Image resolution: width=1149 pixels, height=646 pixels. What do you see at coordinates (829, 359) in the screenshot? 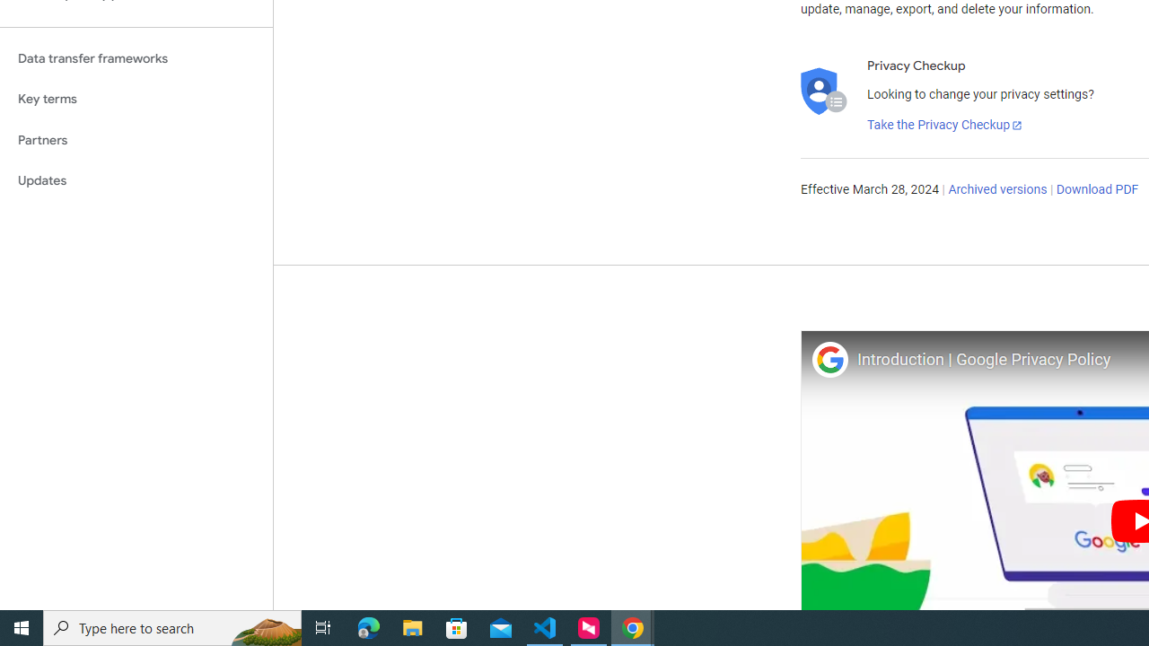
I see `'Photo image of Google'` at bounding box center [829, 359].